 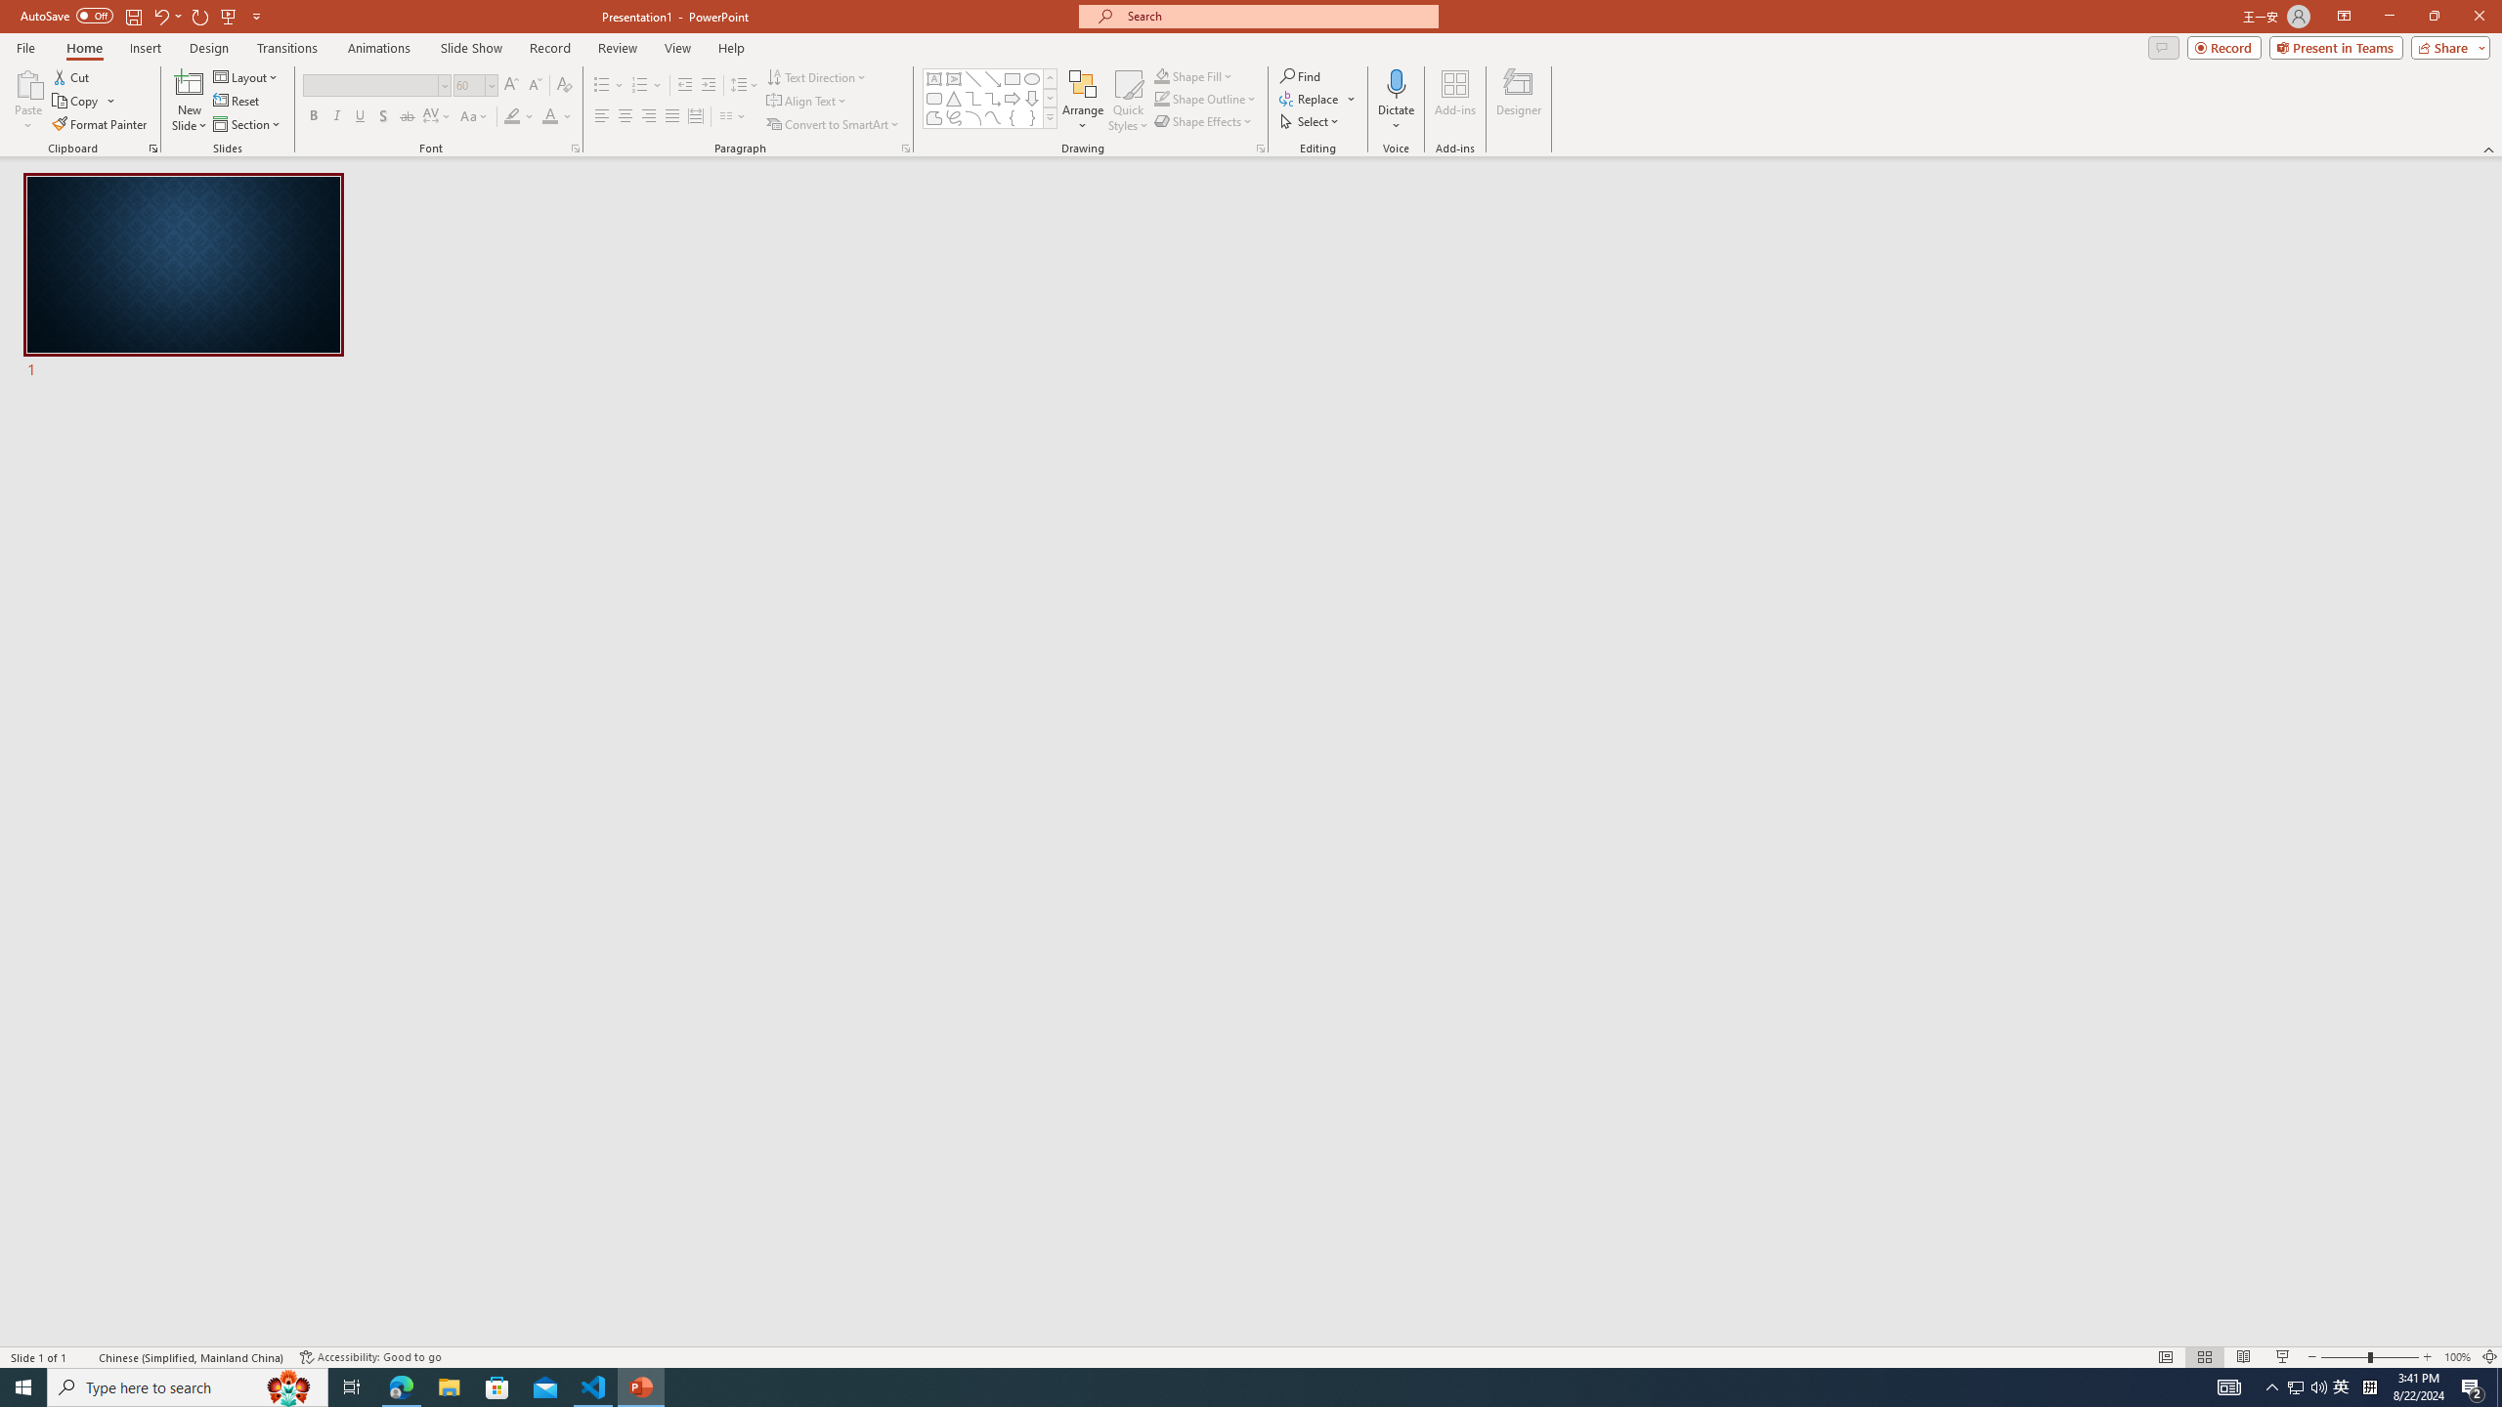 I want to click on 'Align Text', so click(x=807, y=101).